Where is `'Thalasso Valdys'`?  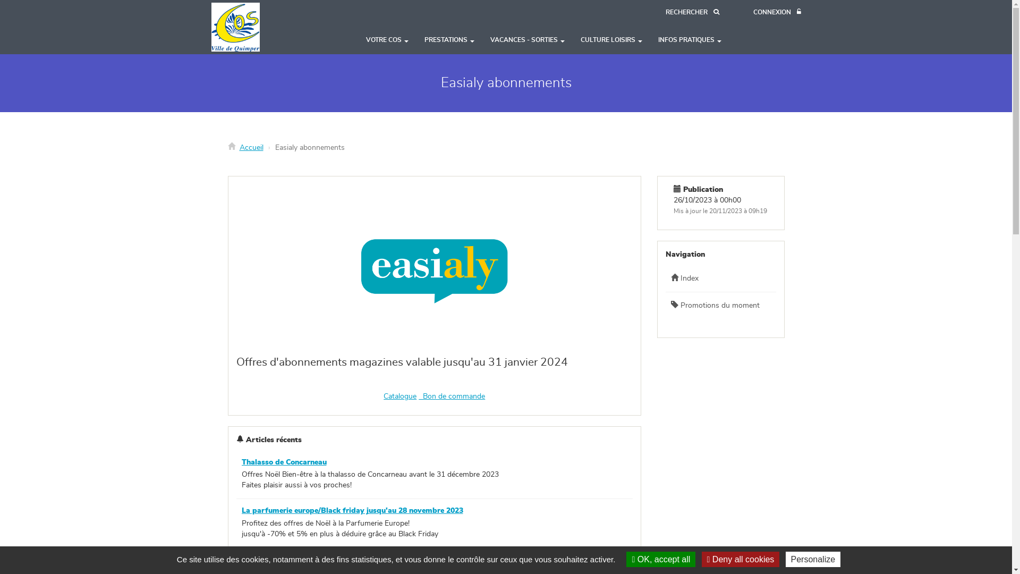 'Thalasso Valdys' is located at coordinates (241, 559).